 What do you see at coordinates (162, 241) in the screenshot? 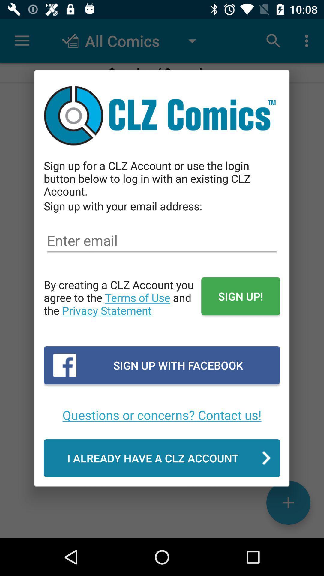
I see `enter/type email address` at bounding box center [162, 241].